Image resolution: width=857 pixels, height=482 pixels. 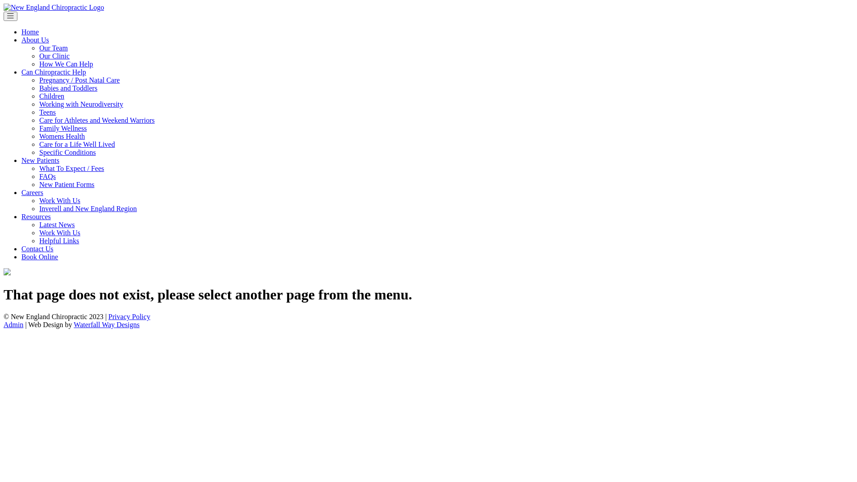 I want to click on 'New Patient Forms', so click(x=66, y=184).